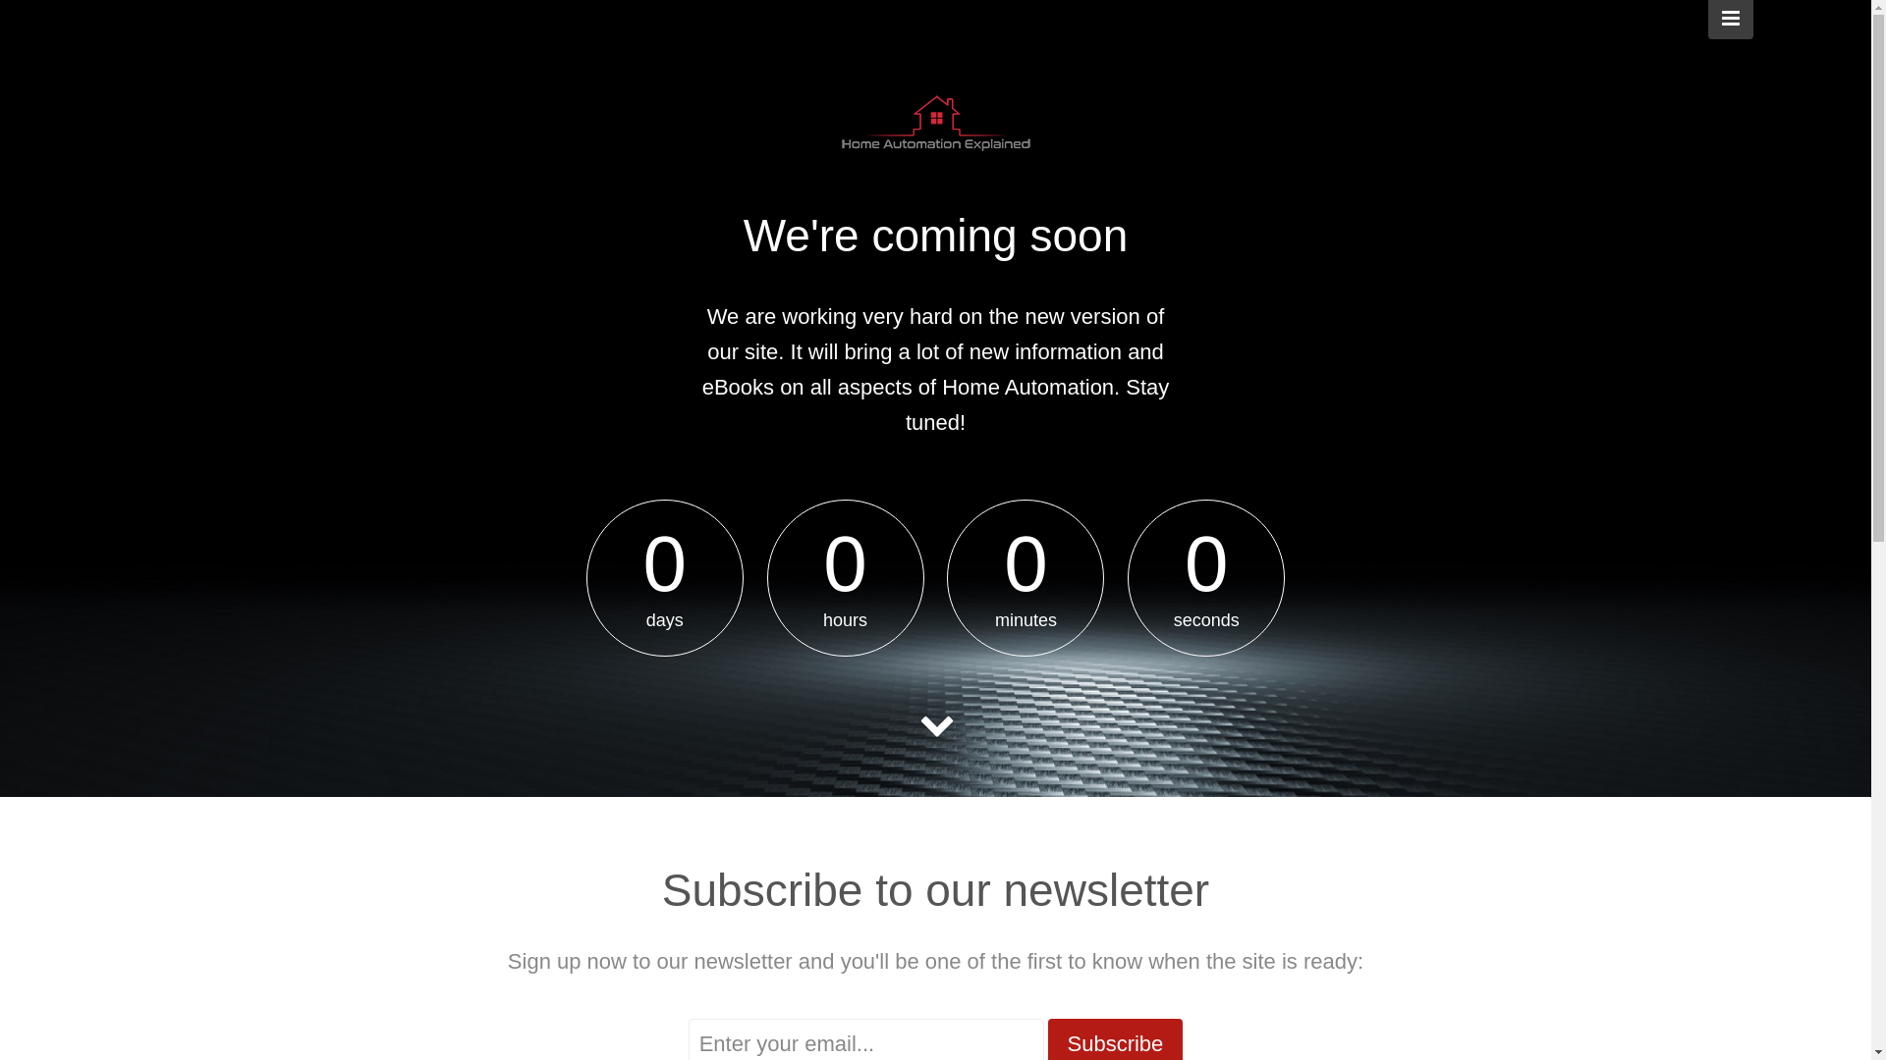  What do you see at coordinates (933, 128) in the screenshot?
I see `'Home Automation Explained'` at bounding box center [933, 128].